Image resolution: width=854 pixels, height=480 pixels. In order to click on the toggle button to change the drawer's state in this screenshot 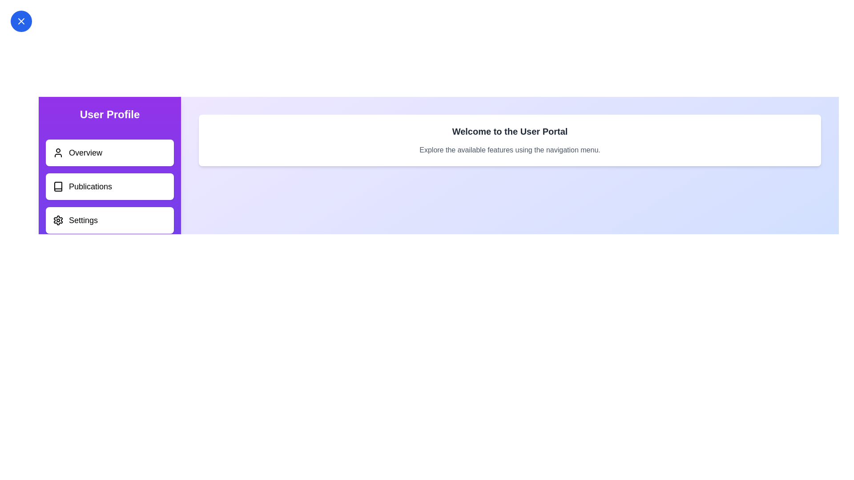, I will do `click(21, 20)`.